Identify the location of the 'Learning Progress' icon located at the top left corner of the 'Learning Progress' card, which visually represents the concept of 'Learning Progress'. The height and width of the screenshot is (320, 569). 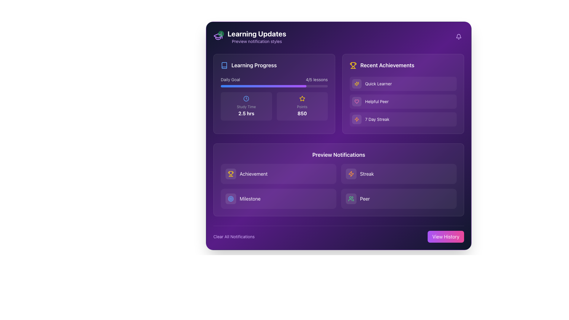
(224, 65).